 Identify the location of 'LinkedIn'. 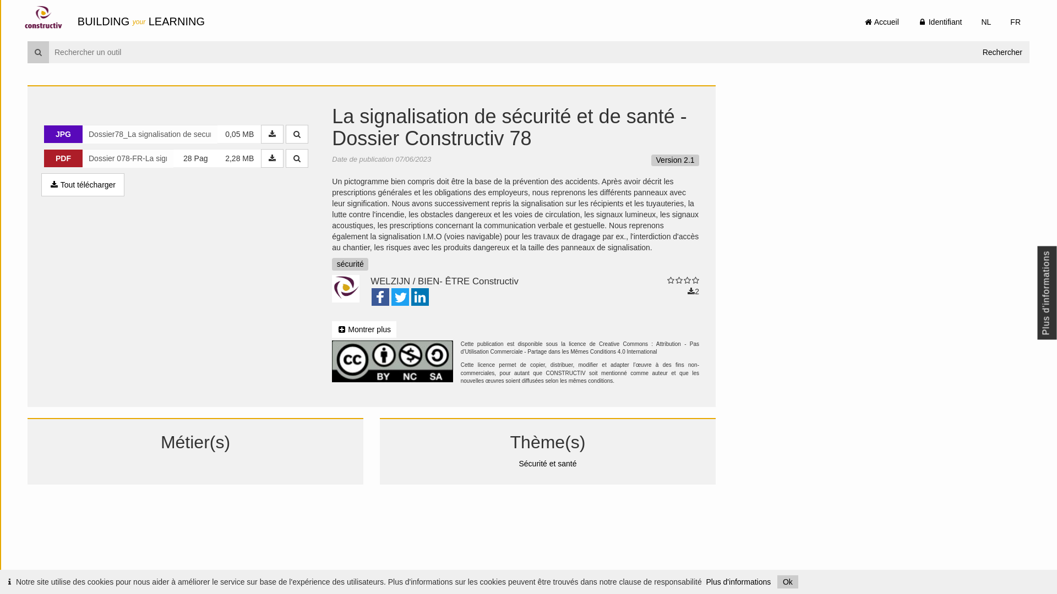
(419, 298).